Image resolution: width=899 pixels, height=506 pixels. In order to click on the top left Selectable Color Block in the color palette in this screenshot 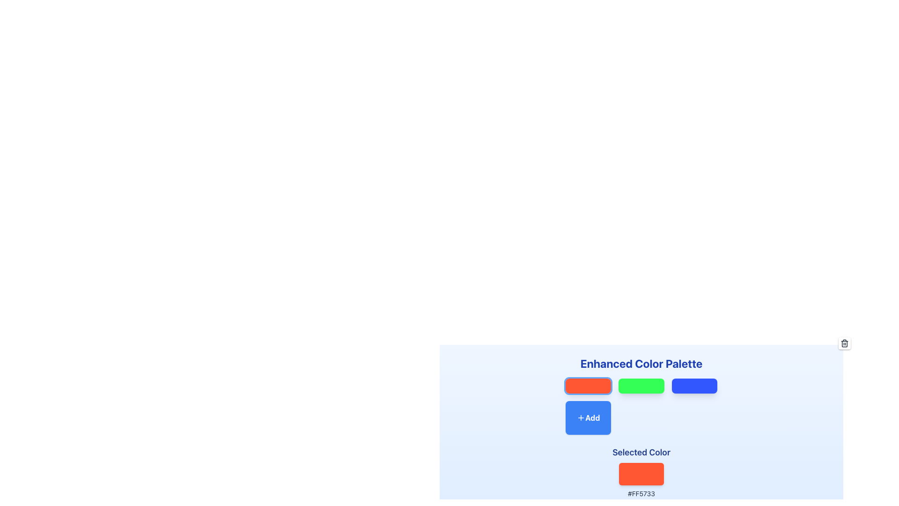, I will do `click(588, 386)`.